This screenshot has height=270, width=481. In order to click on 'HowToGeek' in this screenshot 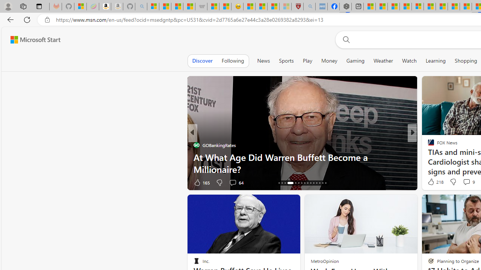, I will do `click(428, 157)`.